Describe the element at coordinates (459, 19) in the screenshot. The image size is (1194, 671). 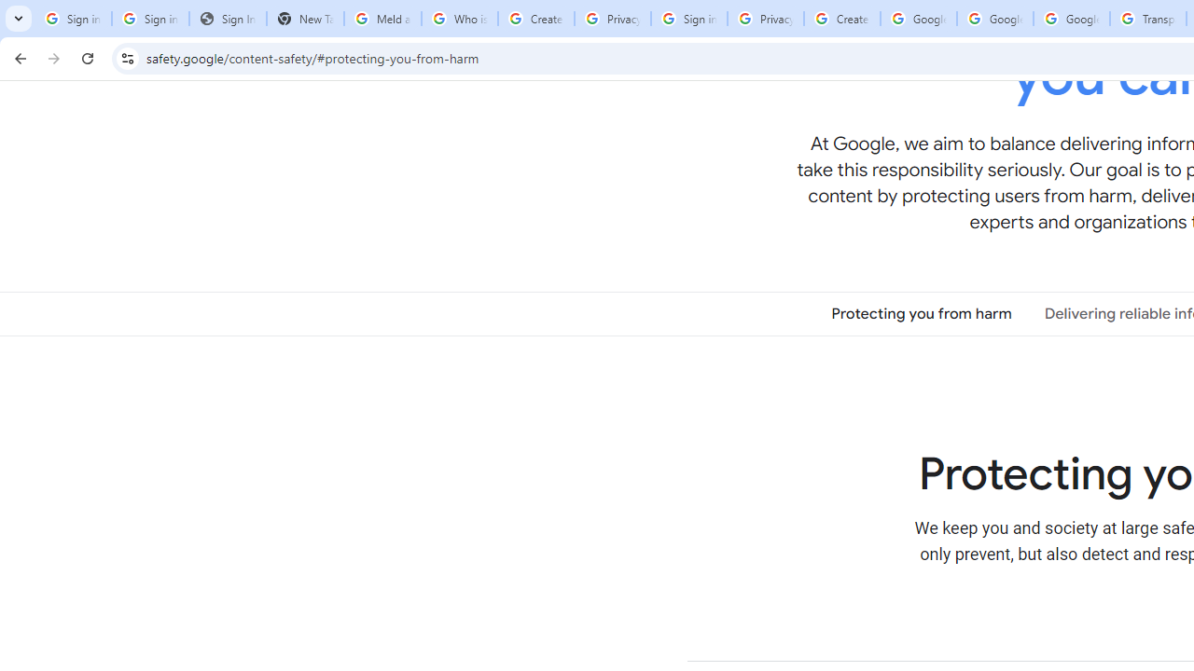
I see `'Who is my administrator? - Google Account Help'` at that location.